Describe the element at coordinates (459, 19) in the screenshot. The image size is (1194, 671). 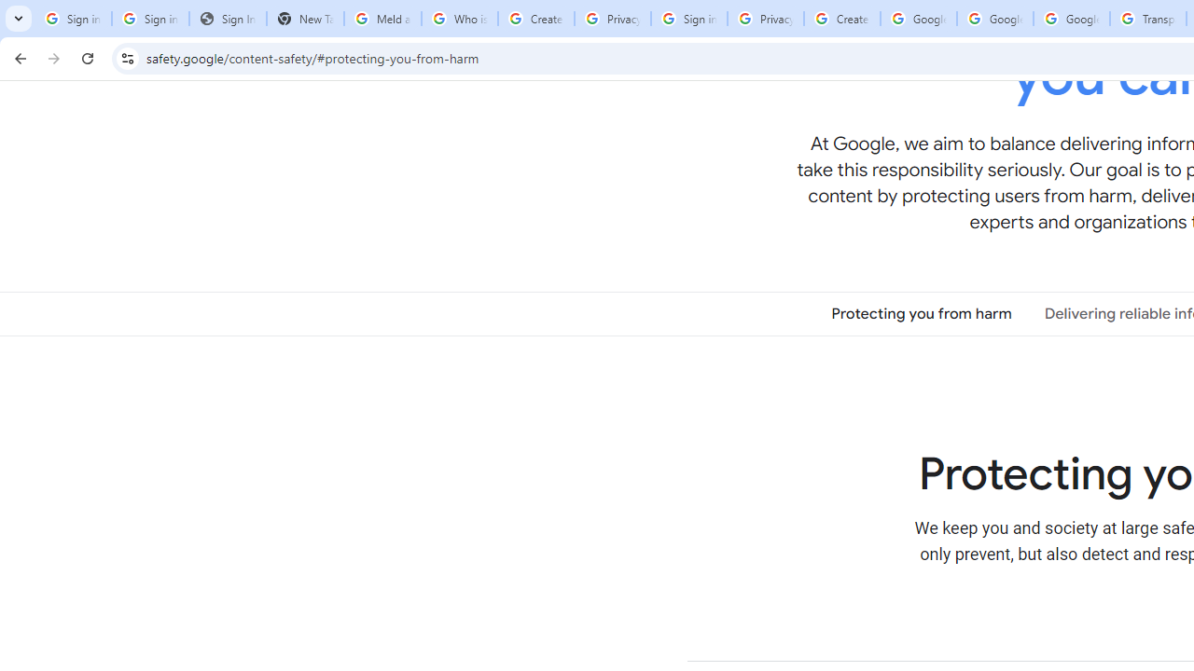
I see `'Who is my administrator? - Google Account Help'` at that location.